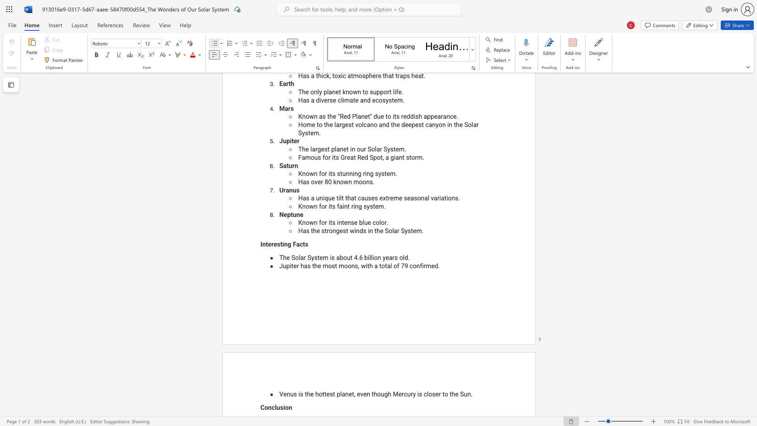 This screenshot has height=426, width=757. What do you see at coordinates (418, 394) in the screenshot?
I see `the 2th character "i" in the text` at bounding box center [418, 394].